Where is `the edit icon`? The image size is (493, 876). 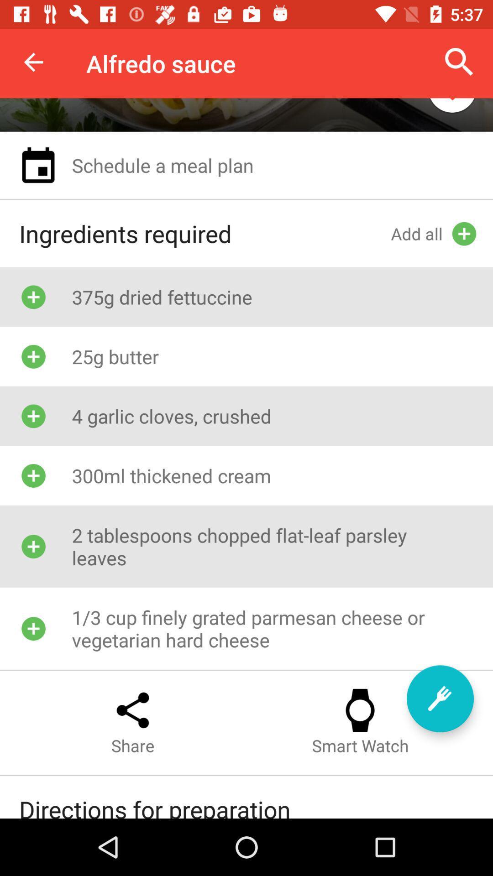
the edit icon is located at coordinates (440, 698).